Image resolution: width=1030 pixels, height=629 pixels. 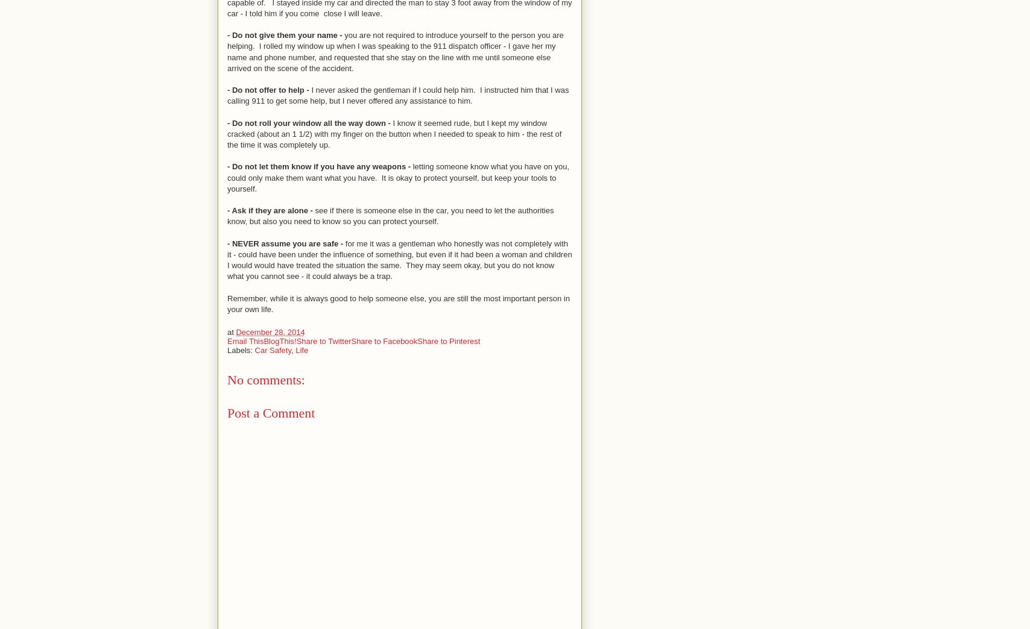 What do you see at coordinates (318, 166) in the screenshot?
I see `'- Do not let them know if you have any weapons -'` at bounding box center [318, 166].